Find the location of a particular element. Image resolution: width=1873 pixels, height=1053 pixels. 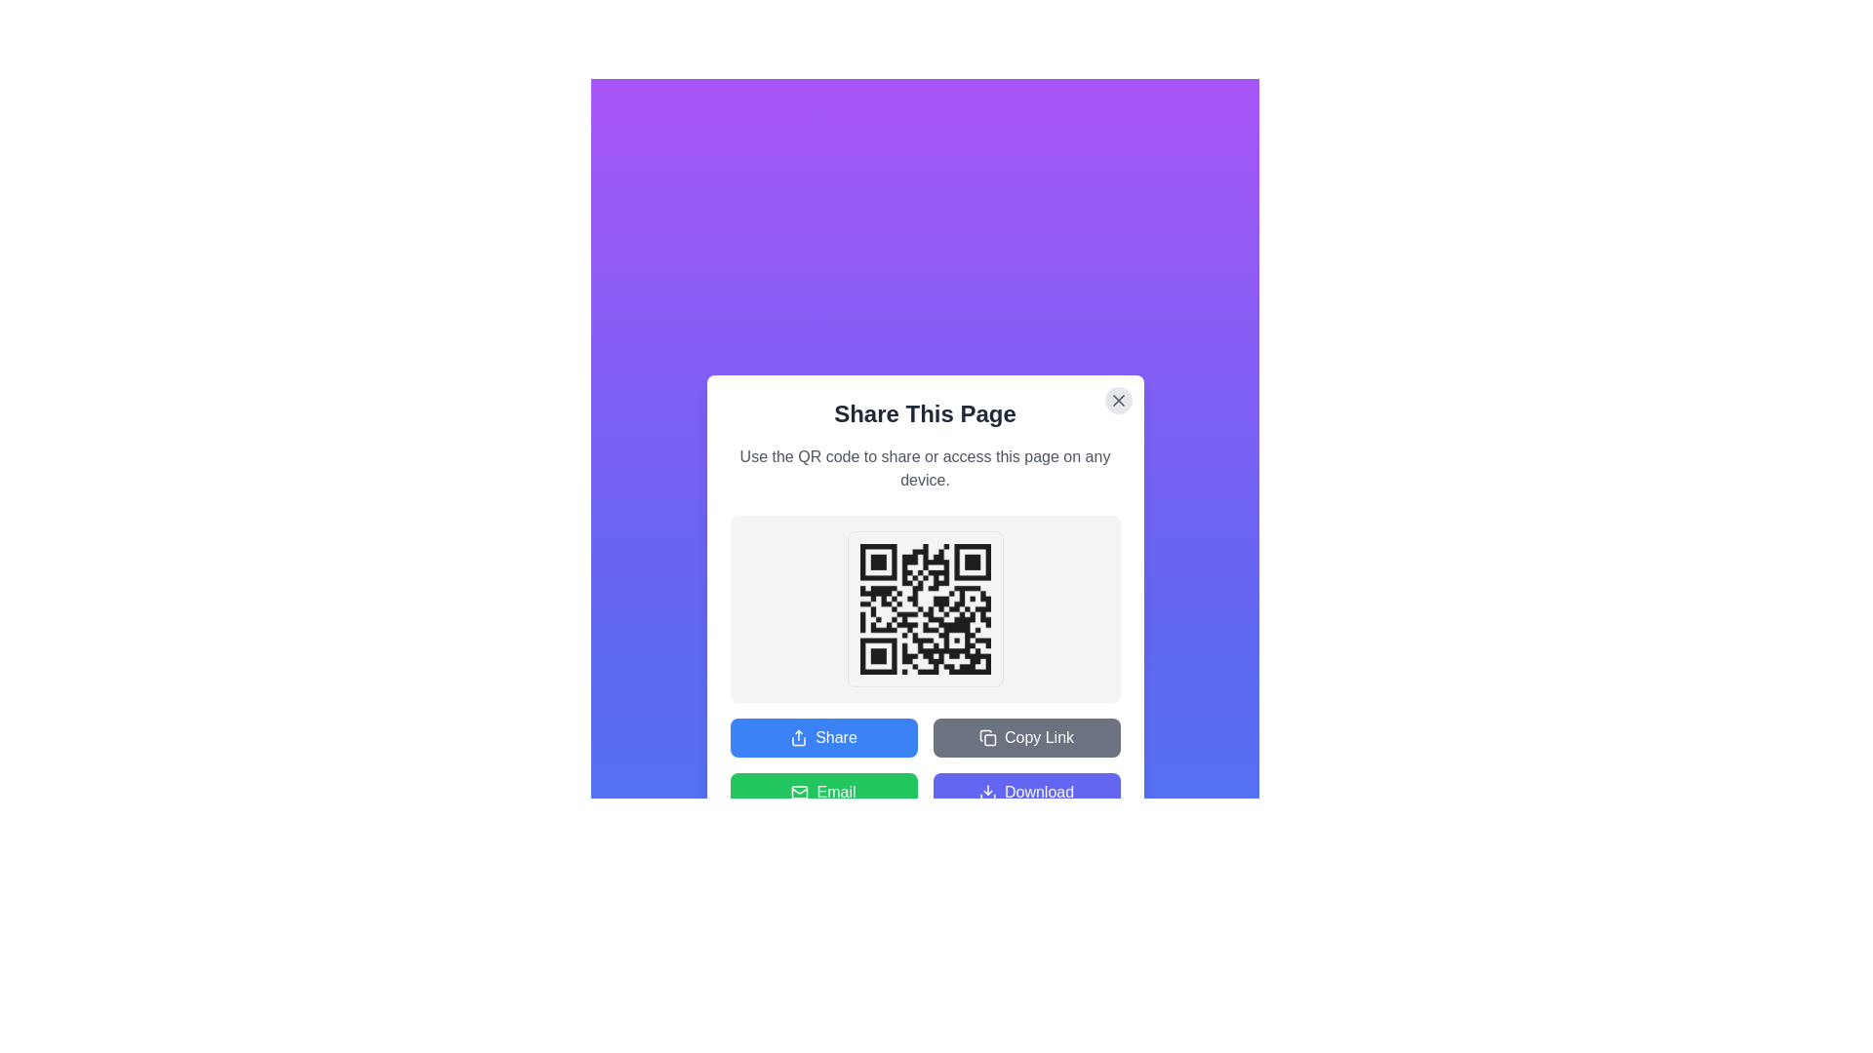

the green rectangular 'Email' button with a white envelope icon is located at coordinates (823, 793).